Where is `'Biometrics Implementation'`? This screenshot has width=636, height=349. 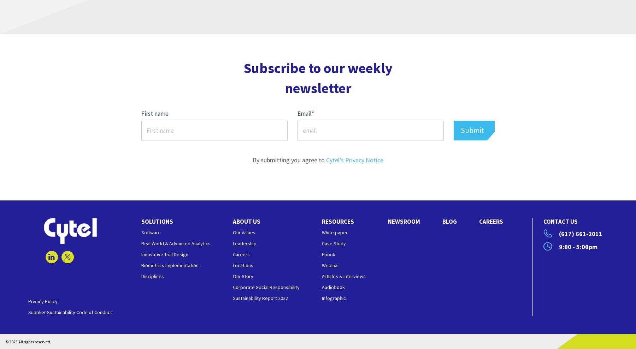 'Biometrics Implementation' is located at coordinates (169, 265).